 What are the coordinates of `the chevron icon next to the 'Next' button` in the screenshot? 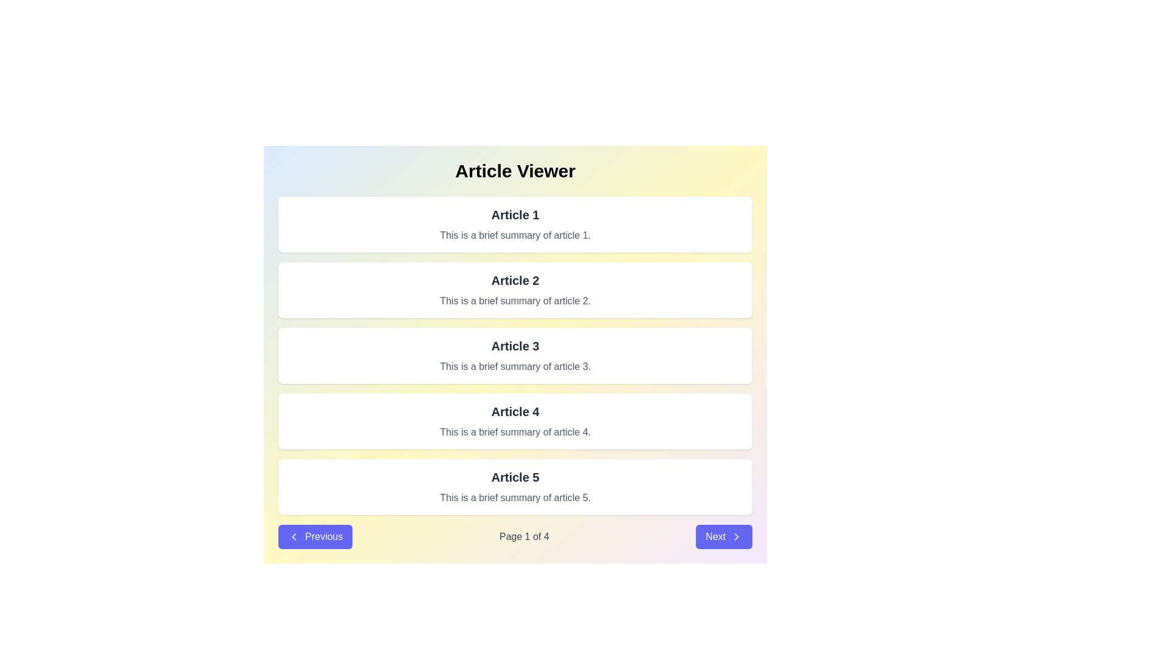 It's located at (735, 536).